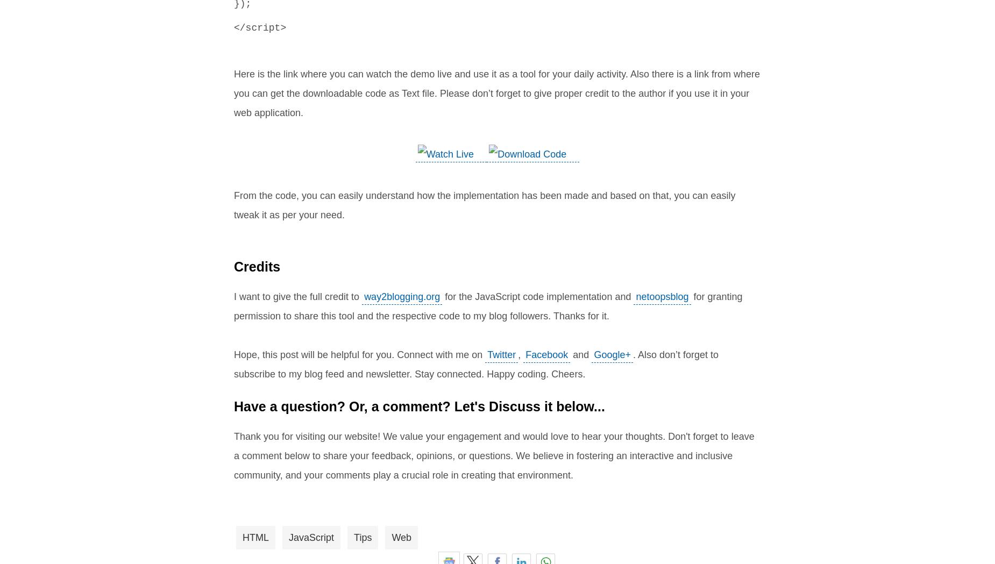 The image size is (995, 564). I want to click on 'Credits', so click(257, 266).